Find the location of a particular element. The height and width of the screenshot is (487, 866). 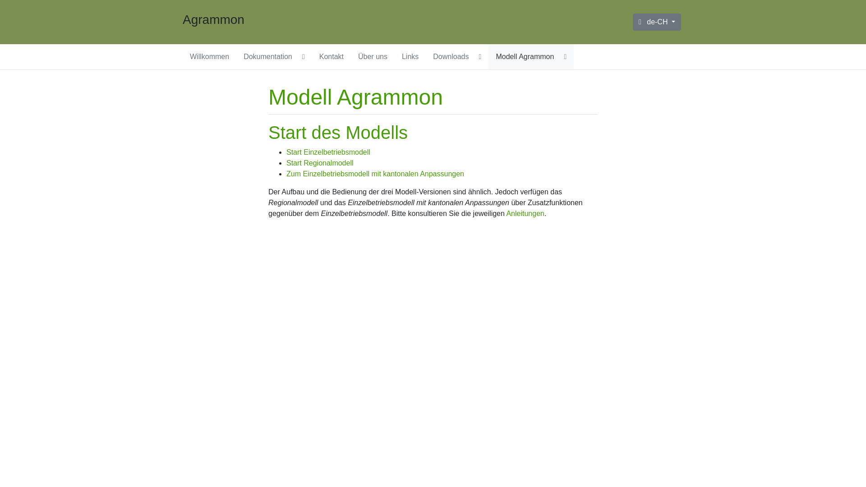

'Anleitungen' is located at coordinates (506, 213).